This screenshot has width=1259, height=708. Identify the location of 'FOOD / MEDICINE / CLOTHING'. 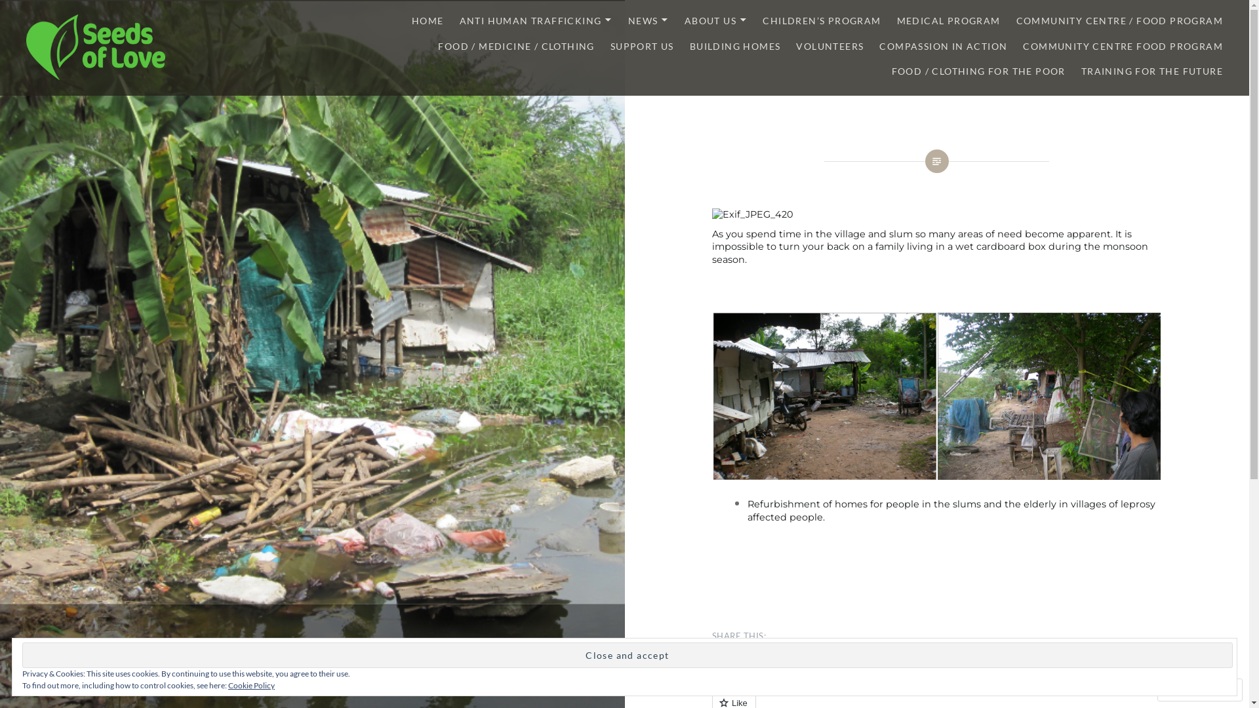
(437, 46).